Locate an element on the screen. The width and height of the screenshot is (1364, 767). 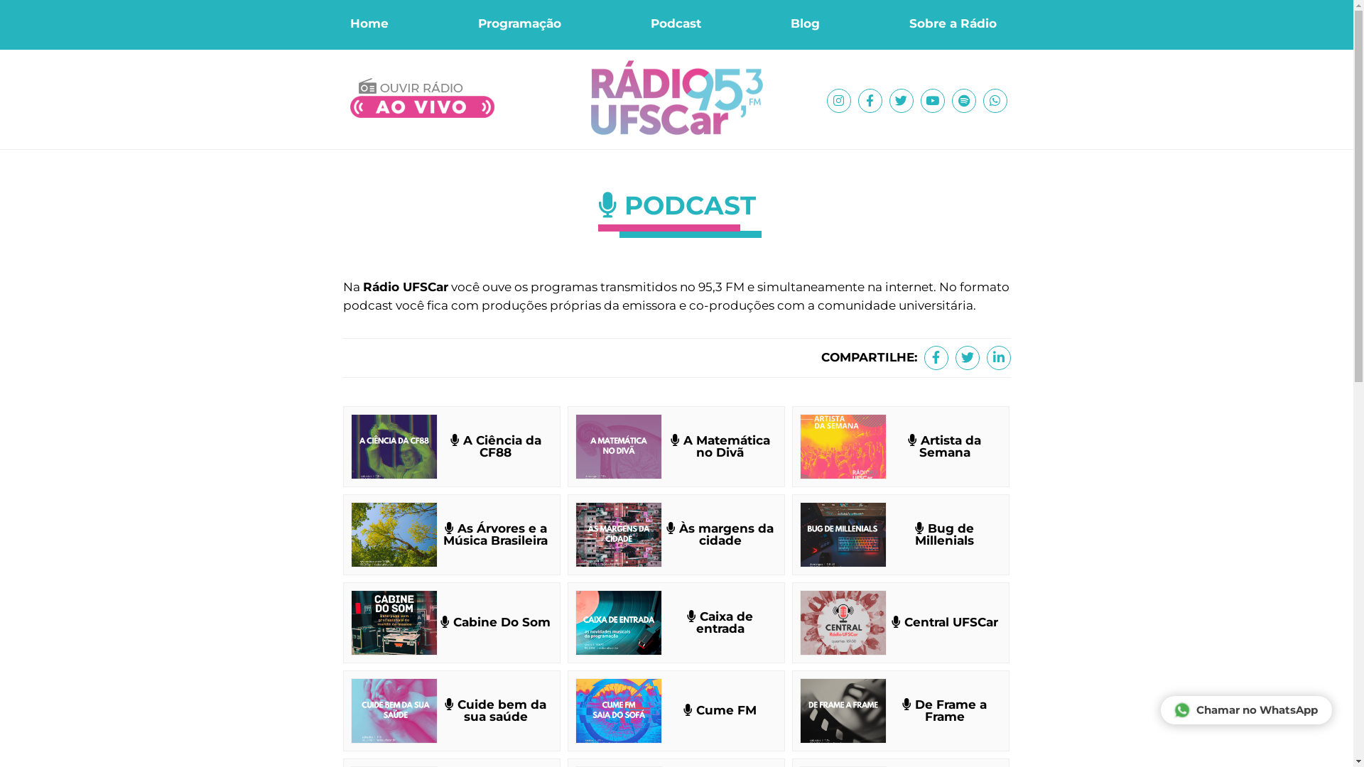
'Instagram' is located at coordinates (838, 100).